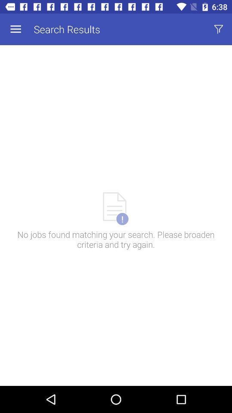  Describe the element at coordinates (15, 29) in the screenshot. I see `the item above no jobs found` at that location.